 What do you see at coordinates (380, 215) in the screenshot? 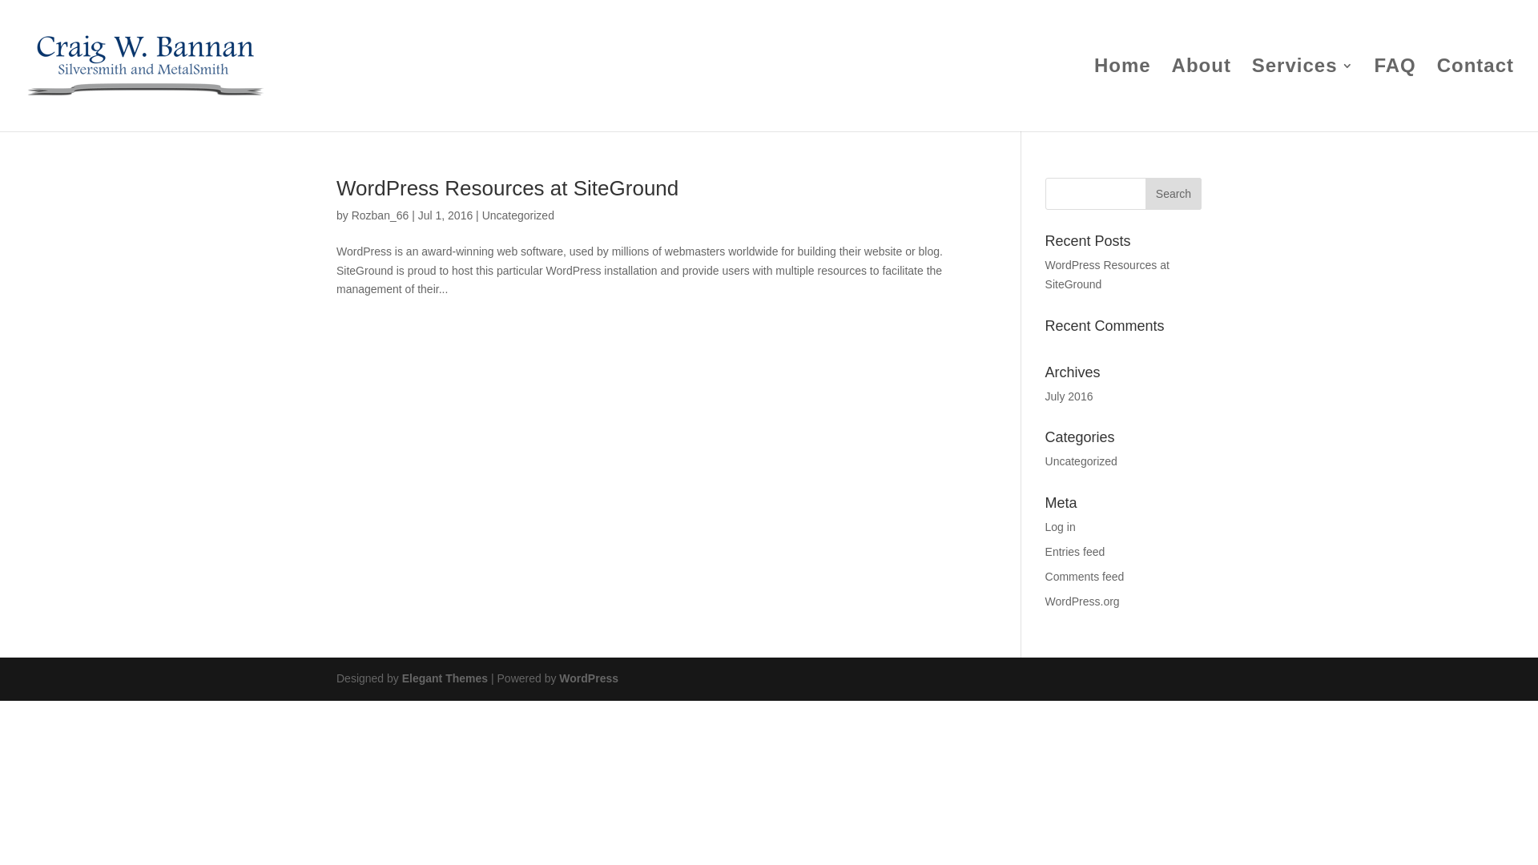
I see `'Rozban_66'` at bounding box center [380, 215].